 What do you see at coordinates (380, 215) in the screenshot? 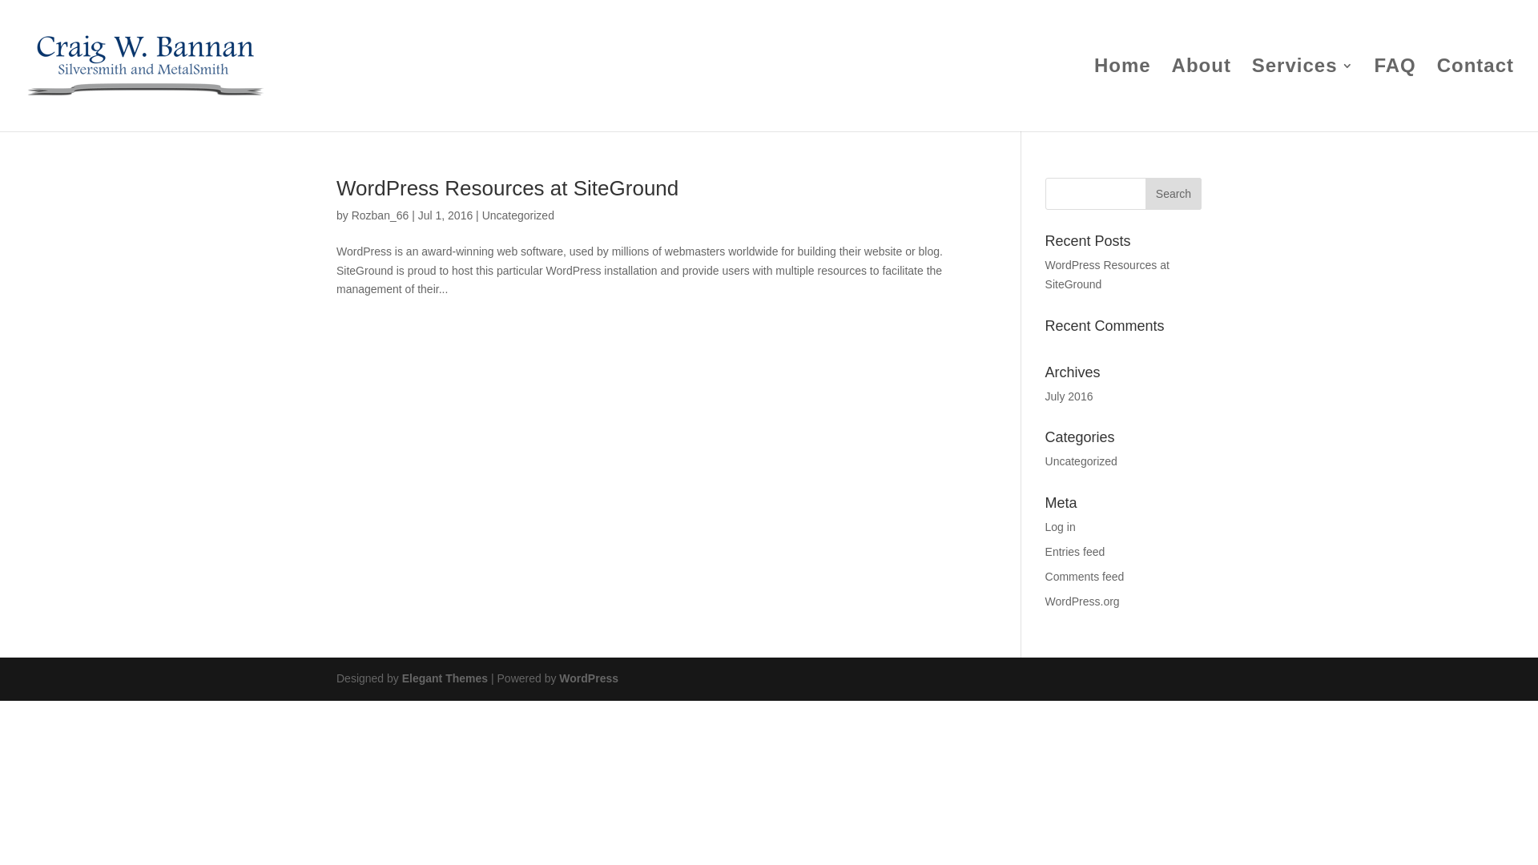
I see `'Rozban_66'` at bounding box center [380, 215].